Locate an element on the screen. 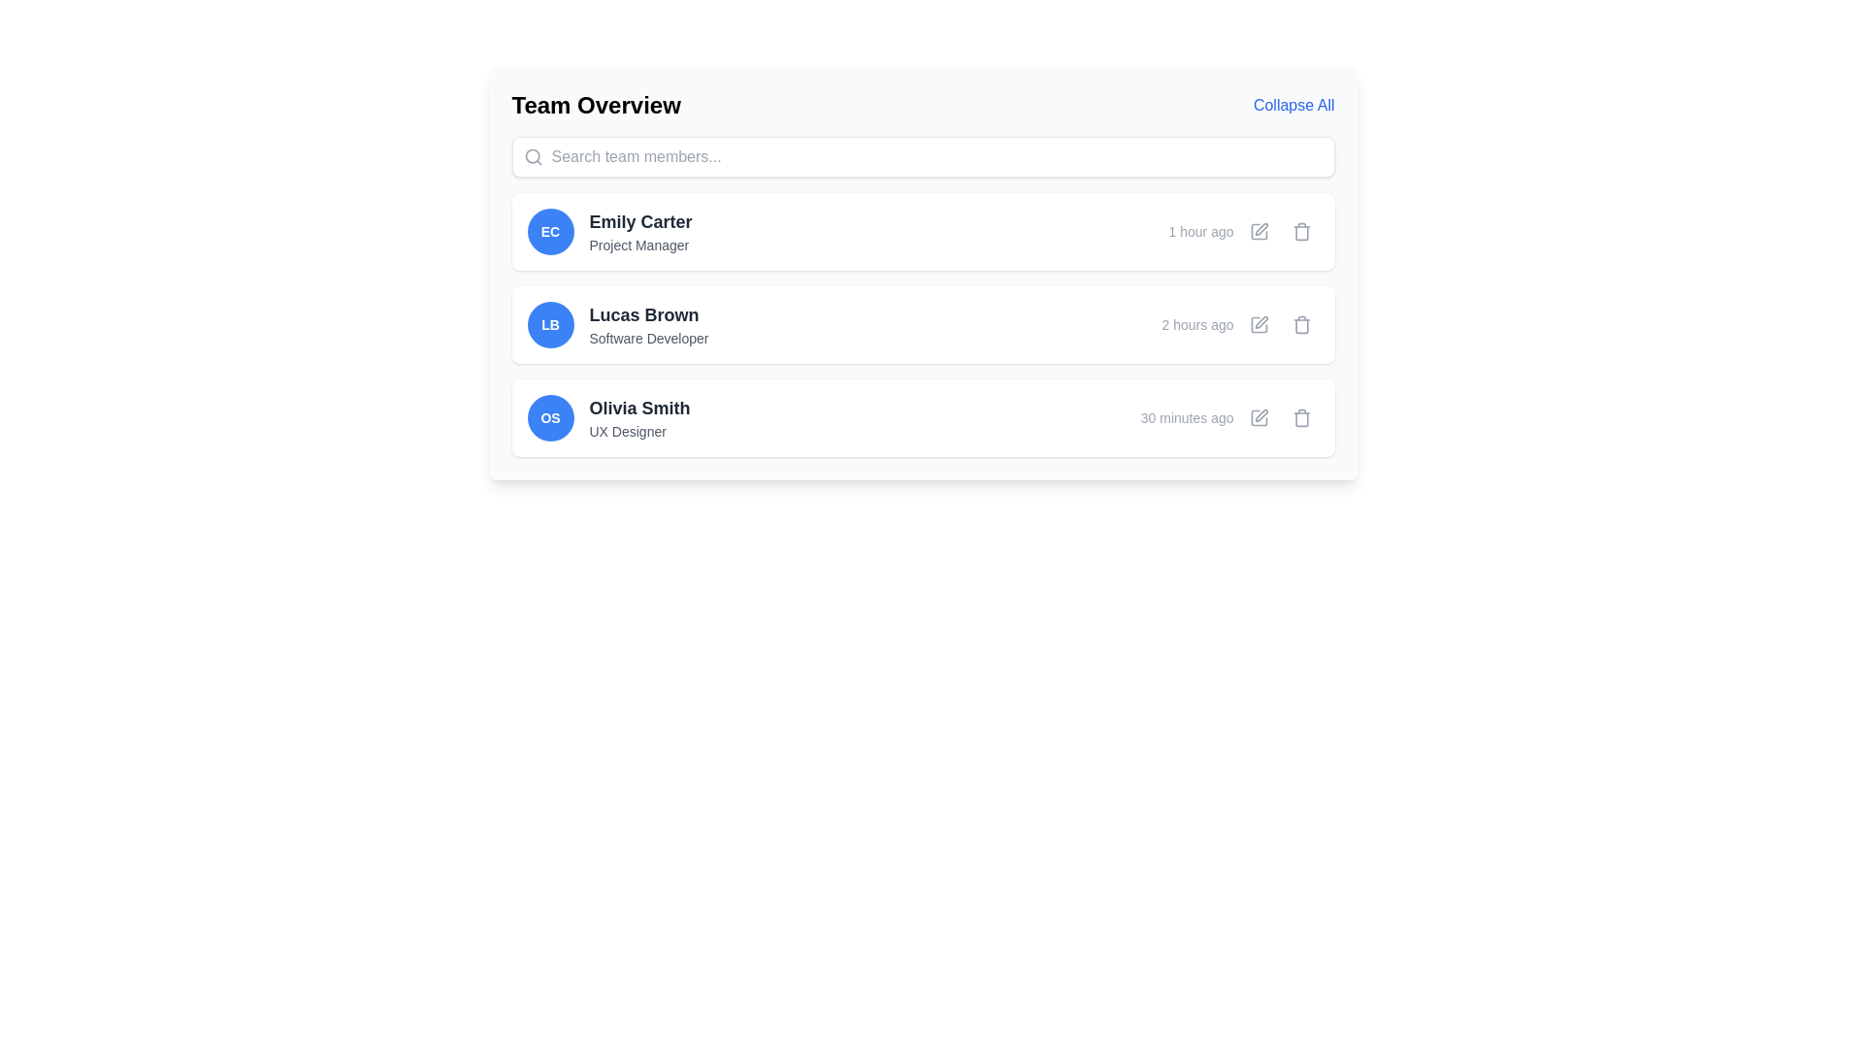 The width and height of the screenshot is (1863, 1048). the text label 'Emily Carter' in the 'Team Overview' section, which is styled in bold and large font size and is the primary line of text above 'Project Manager' is located at coordinates (640, 220).